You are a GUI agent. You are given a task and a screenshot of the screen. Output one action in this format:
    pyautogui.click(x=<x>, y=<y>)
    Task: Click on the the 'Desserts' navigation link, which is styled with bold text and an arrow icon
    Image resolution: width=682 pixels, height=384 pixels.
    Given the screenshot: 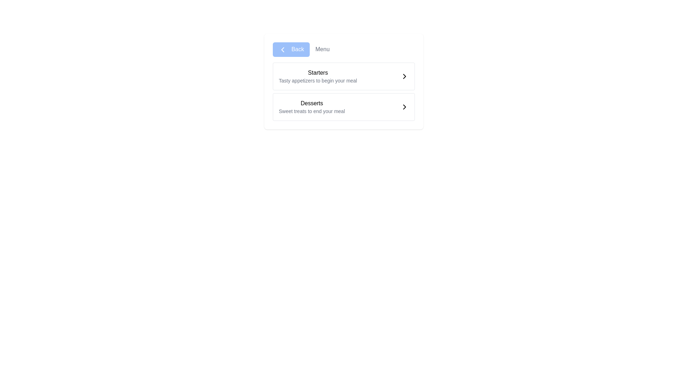 What is the action you would take?
    pyautogui.click(x=344, y=107)
    